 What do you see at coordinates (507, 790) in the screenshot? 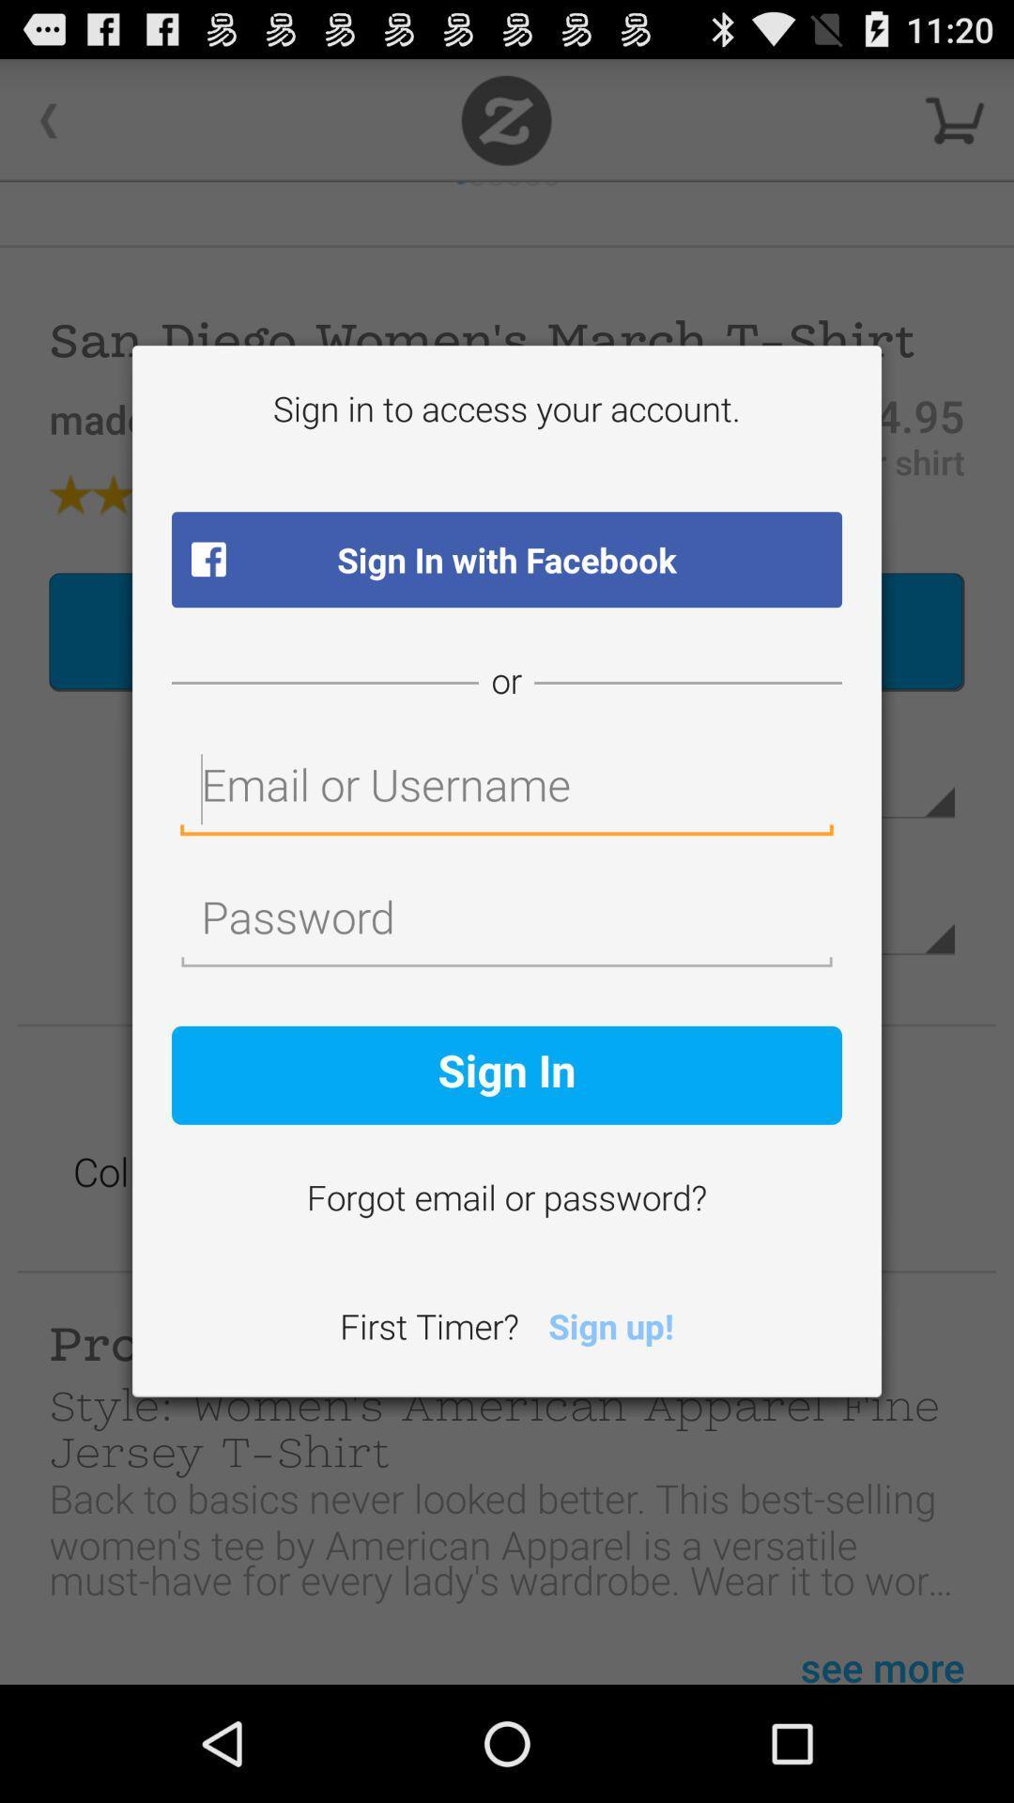
I see `the item below the or icon` at bounding box center [507, 790].